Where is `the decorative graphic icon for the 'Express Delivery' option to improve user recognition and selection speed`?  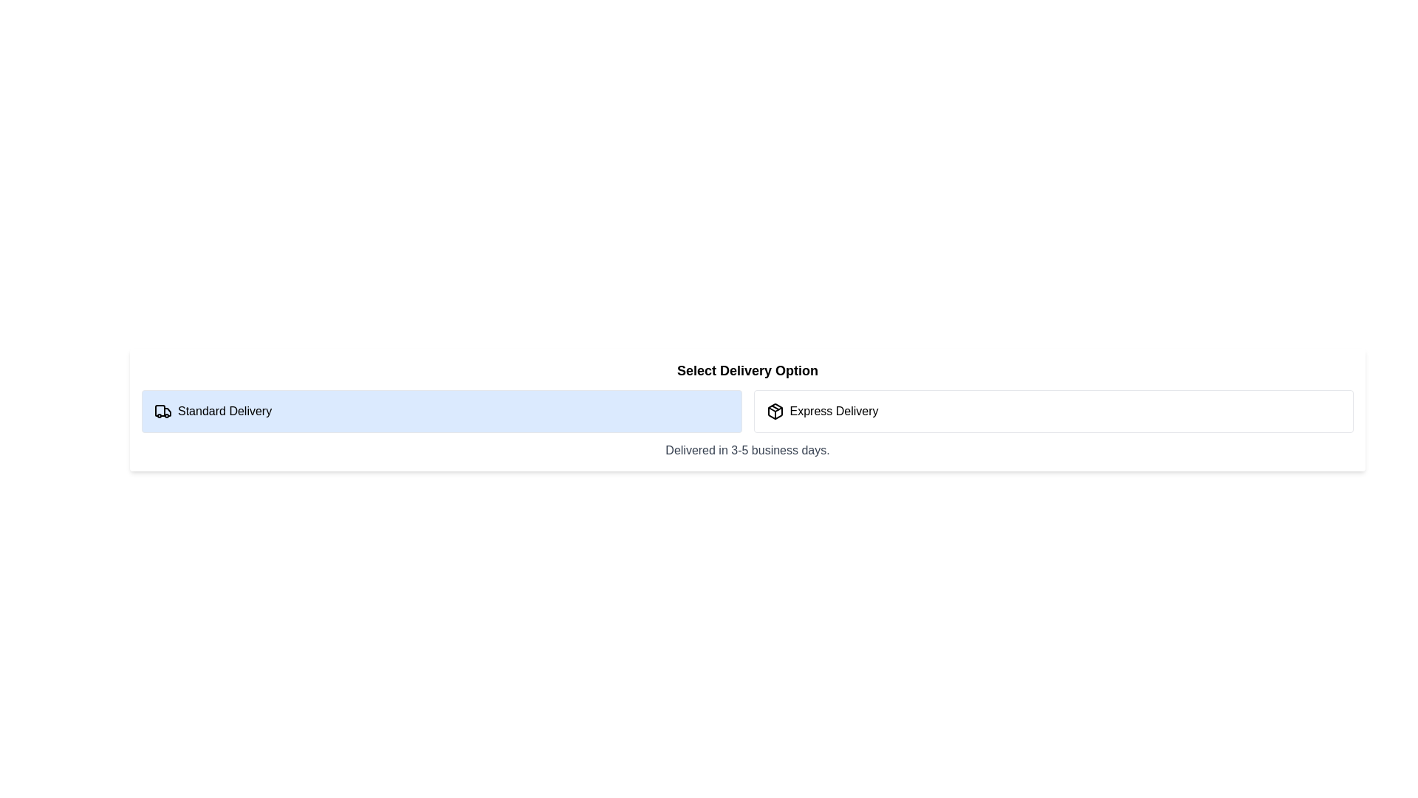
the decorative graphic icon for the 'Express Delivery' option to improve user recognition and selection speed is located at coordinates (774, 411).